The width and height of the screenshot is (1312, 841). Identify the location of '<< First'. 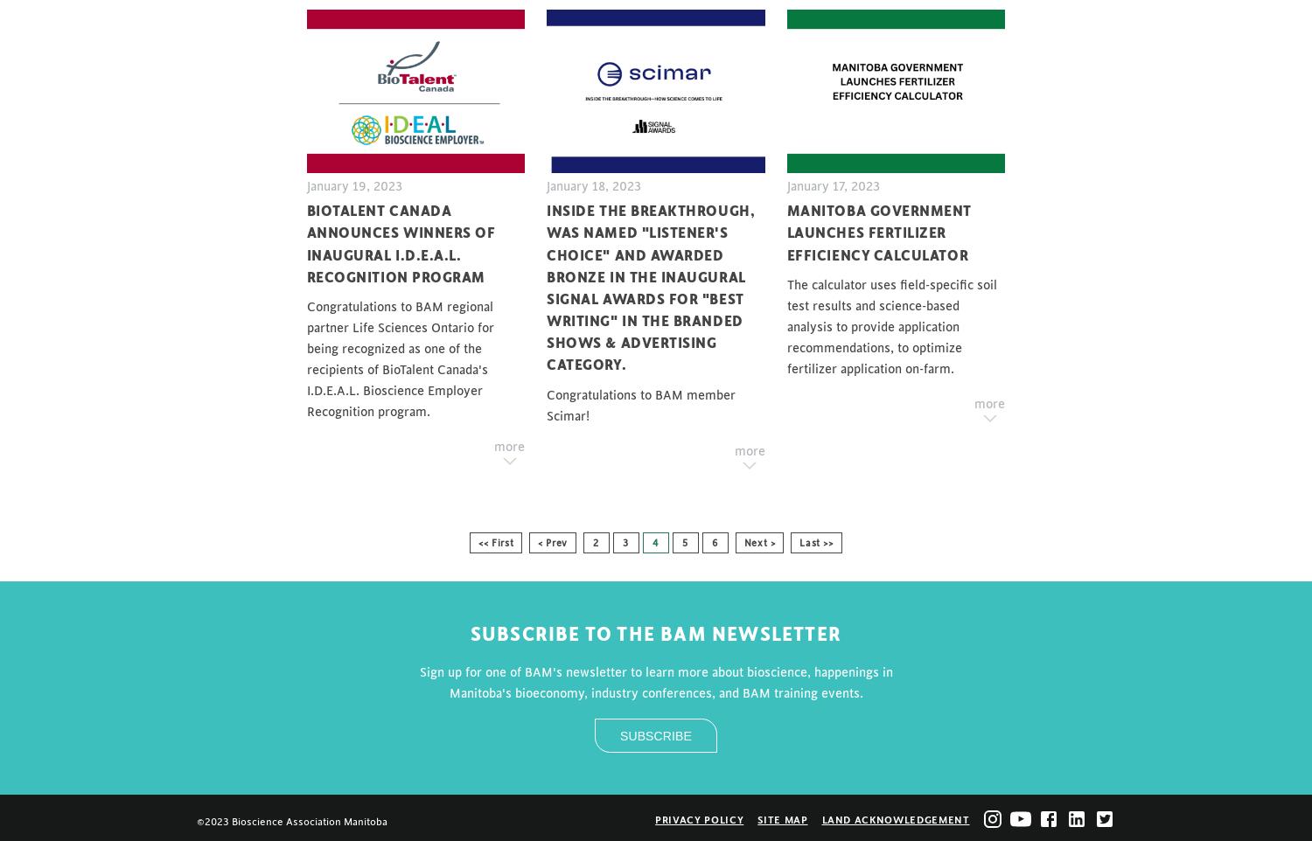
(495, 541).